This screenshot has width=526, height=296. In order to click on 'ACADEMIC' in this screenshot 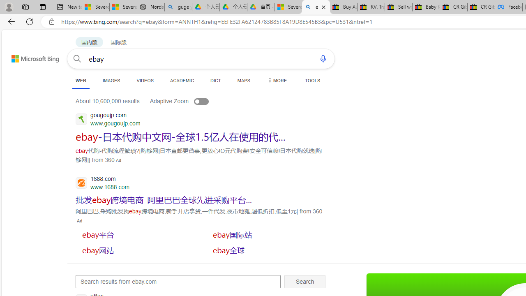, I will do `click(182, 80)`.